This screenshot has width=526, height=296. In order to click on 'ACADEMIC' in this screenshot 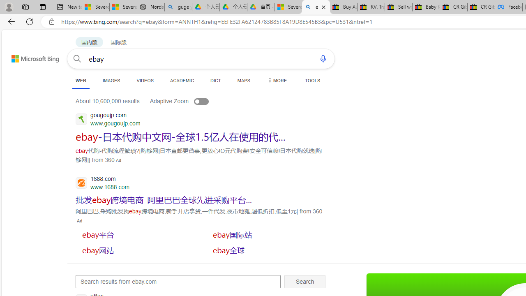, I will do `click(182, 80)`.